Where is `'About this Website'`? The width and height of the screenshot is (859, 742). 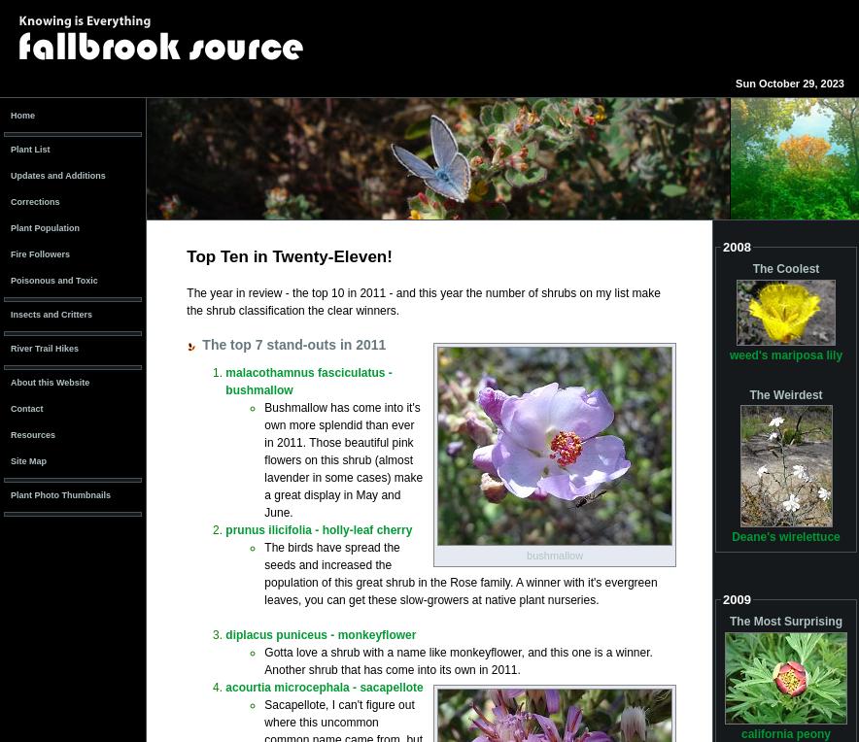 'About this Website' is located at coordinates (49, 381).